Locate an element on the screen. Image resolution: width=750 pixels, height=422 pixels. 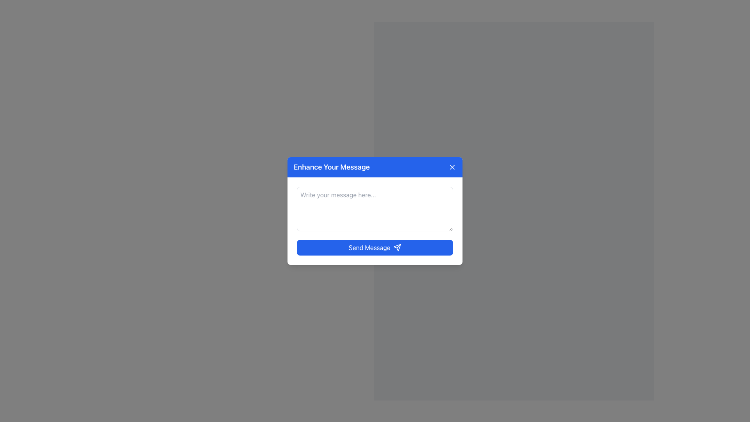
the 'Send Message' button located at the bottom of the dialog box, which is displayed in white font against a blue background is located at coordinates (369, 247).